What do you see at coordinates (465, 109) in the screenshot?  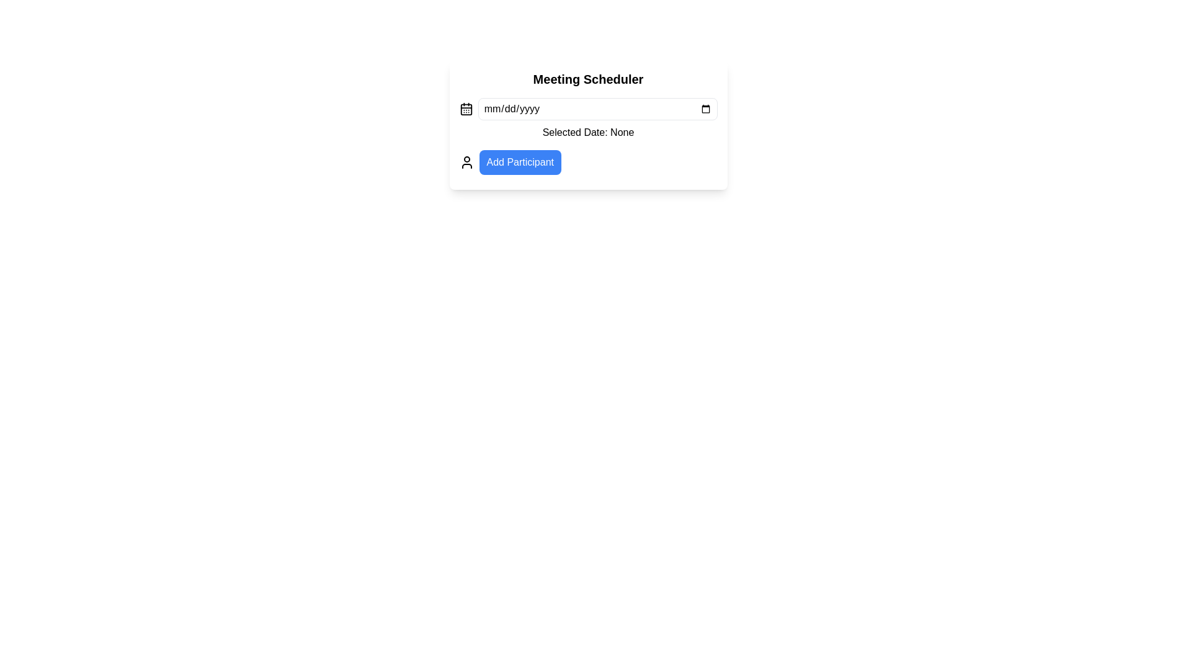 I see `the rectangular shape with a border radius that is part of the calendar icon located at the top-left section of the user interface, adjacent to the input field labeled 'mm/dd/yyyy'` at bounding box center [465, 109].